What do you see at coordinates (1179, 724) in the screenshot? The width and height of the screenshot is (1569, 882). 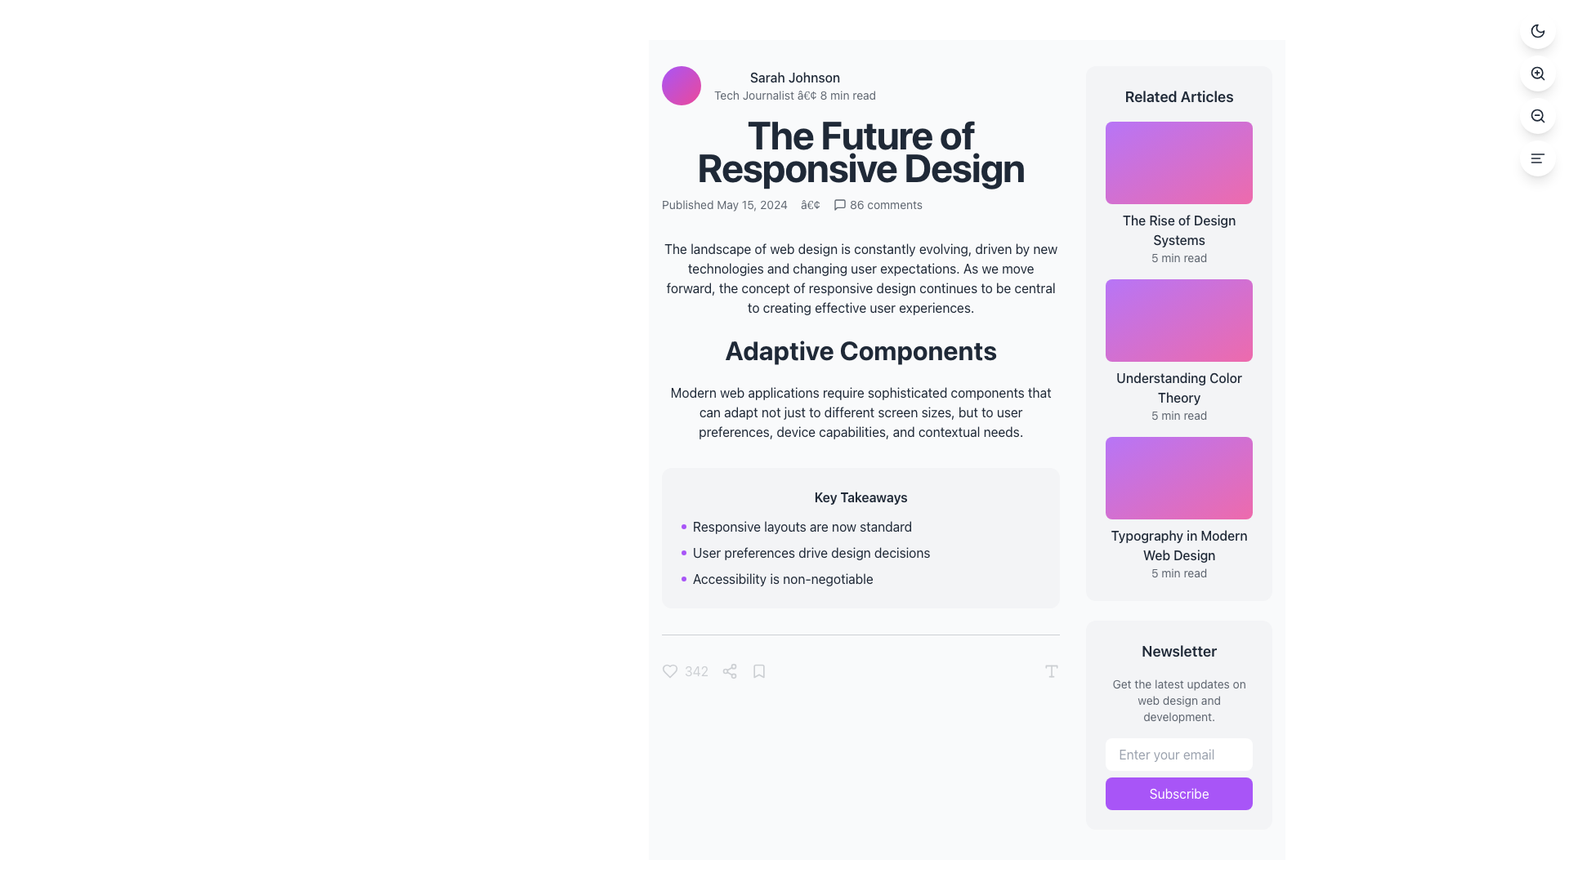 I see `the 'Subscribe' button located at the bottom-right section of the sidebar` at bounding box center [1179, 724].